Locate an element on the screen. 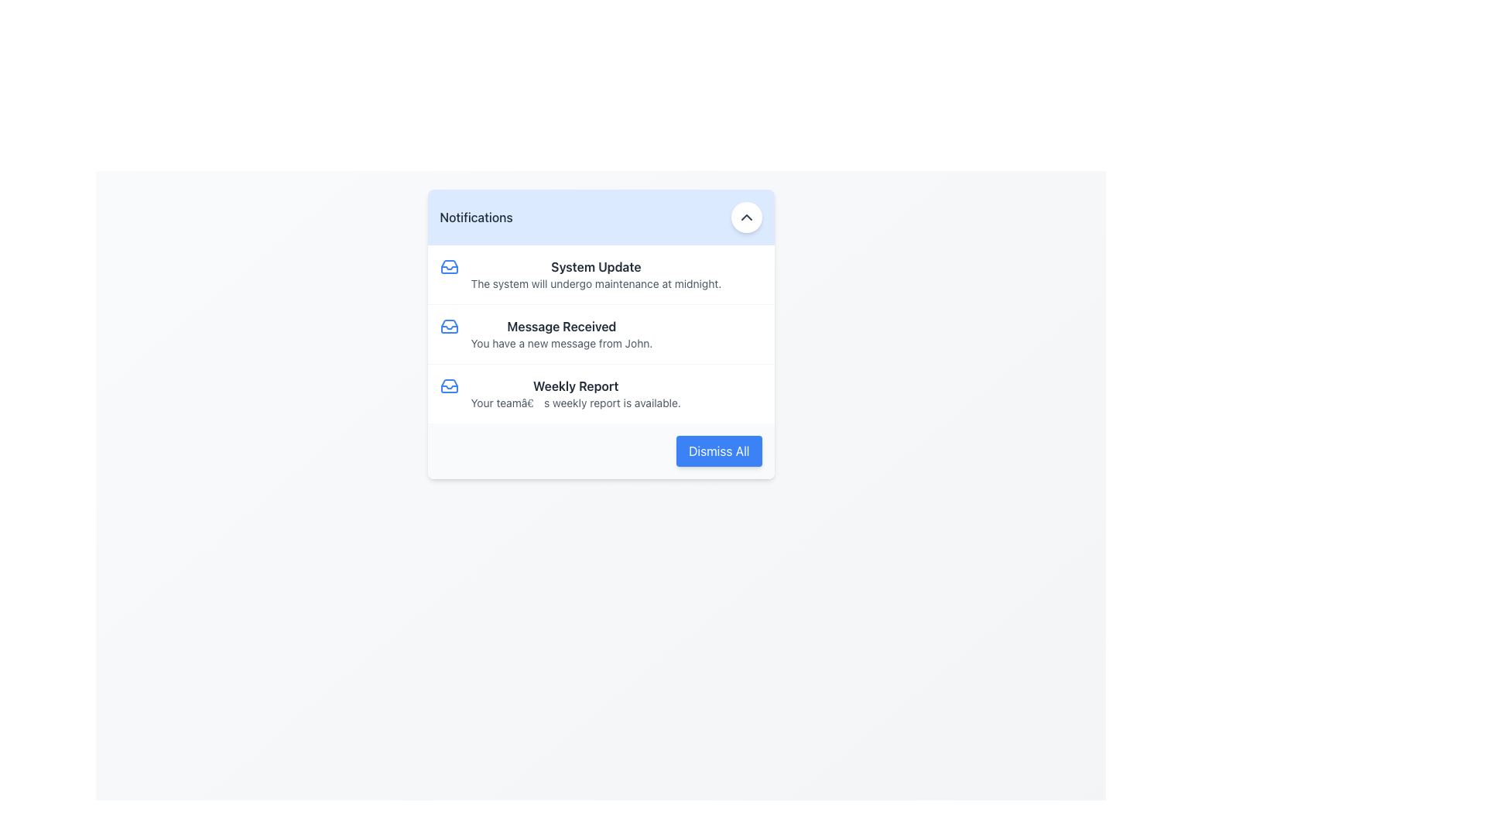  the notification line indicating the availability of the weekly report for the user’s team, which is the third item in the vertical notification list is located at coordinates (600, 393).